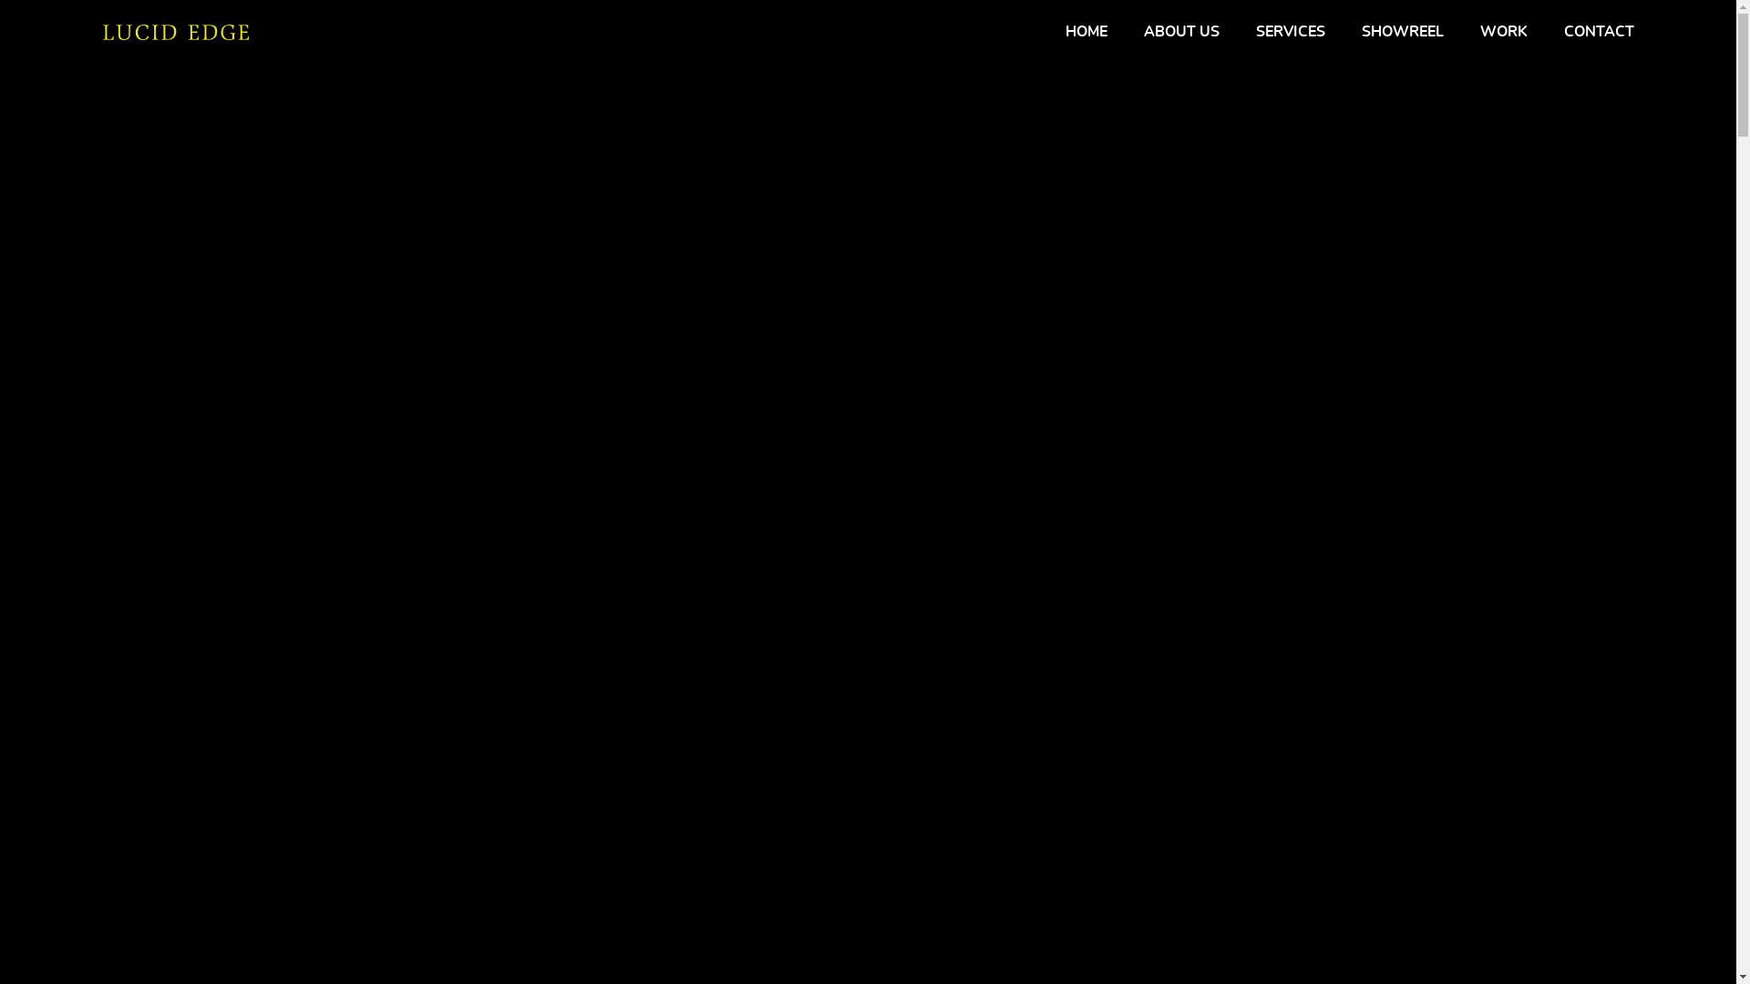 This screenshot has height=984, width=1750. Describe the element at coordinates (1085, 32) in the screenshot. I see `'HOME'` at that location.